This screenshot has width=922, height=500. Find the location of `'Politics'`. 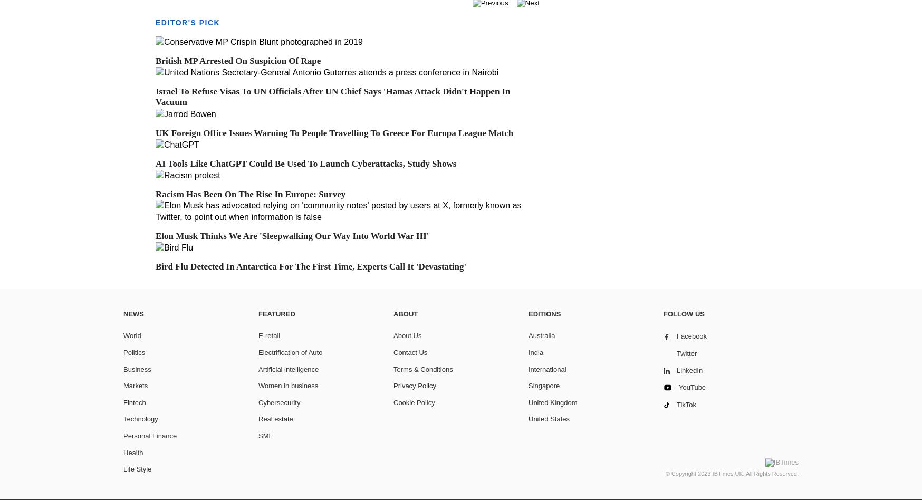

'Politics' is located at coordinates (134, 352).